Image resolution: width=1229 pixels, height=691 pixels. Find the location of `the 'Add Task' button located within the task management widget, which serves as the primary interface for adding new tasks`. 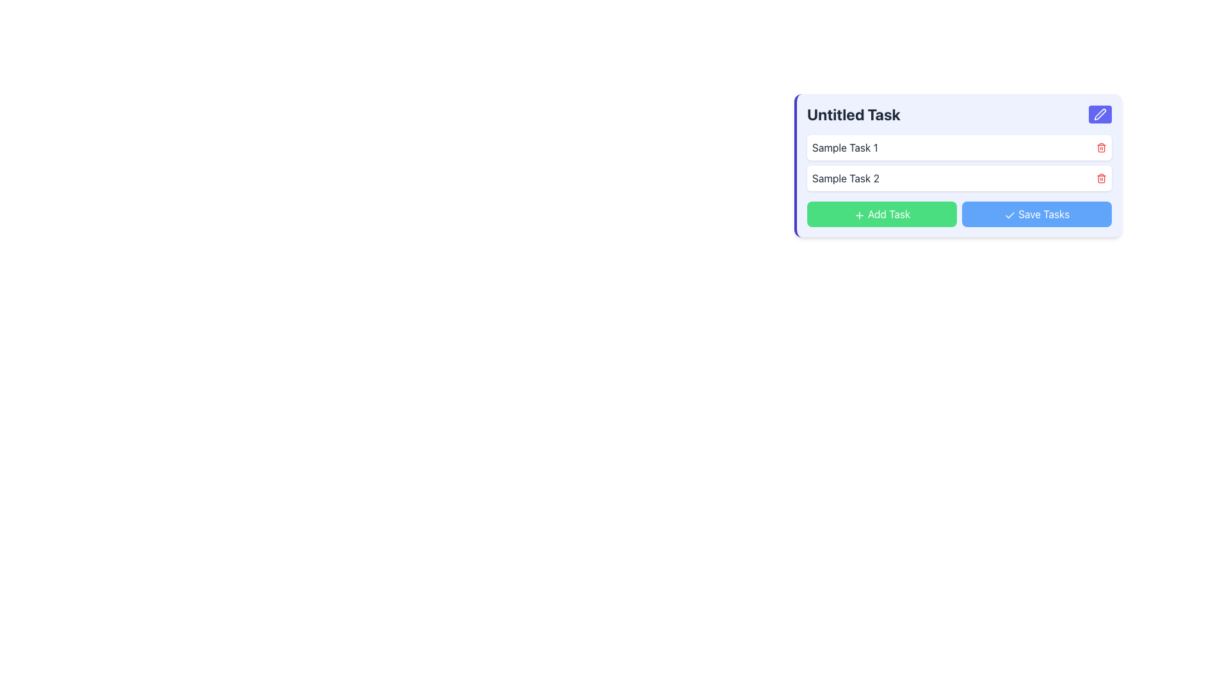

the 'Add Task' button located within the task management widget, which serves as the primary interface for adding new tasks is located at coordinates (958, 241).